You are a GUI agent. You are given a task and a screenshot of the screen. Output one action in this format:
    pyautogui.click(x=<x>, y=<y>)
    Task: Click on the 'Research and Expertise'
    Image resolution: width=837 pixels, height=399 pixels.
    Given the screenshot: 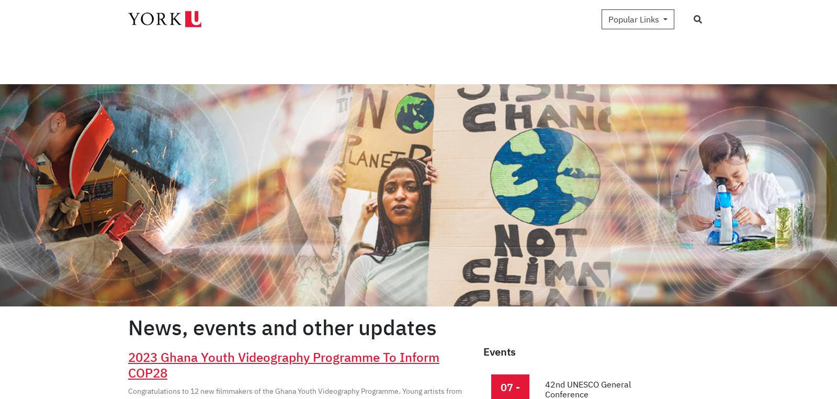 What is the action you would take?
    pyautogui.click(x=274, y=35)
    